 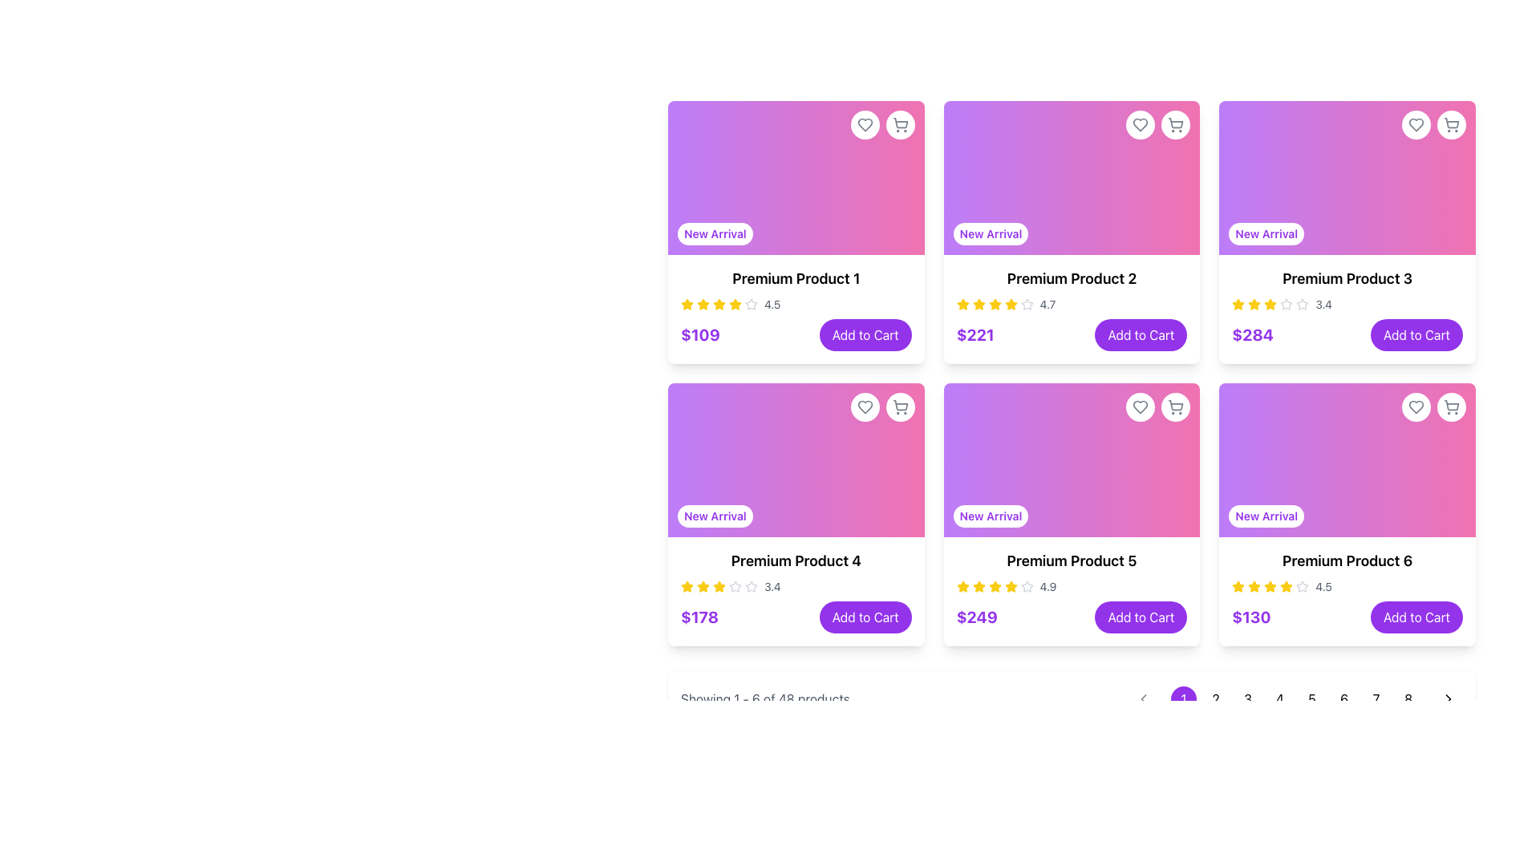 What do you see at coordinates (699, 617) in the screenshot?
I see `price value displayed in the text label for 'Premium Product 4', which is located to the left of the 'Add to Cart' button in the lower section of the product card` at bounding box center [699, 617].